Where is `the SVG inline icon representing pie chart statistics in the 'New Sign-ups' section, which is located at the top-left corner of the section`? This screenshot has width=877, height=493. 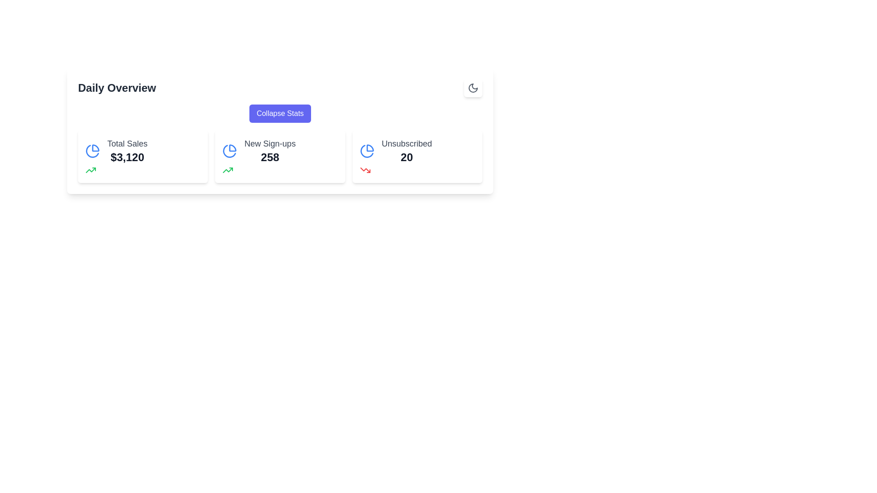 the SVG inline icon representing pie chart statistics in the 'New Sign-ups' section, which is located at the top-left corner of the section is located at coordinates (230, 151).